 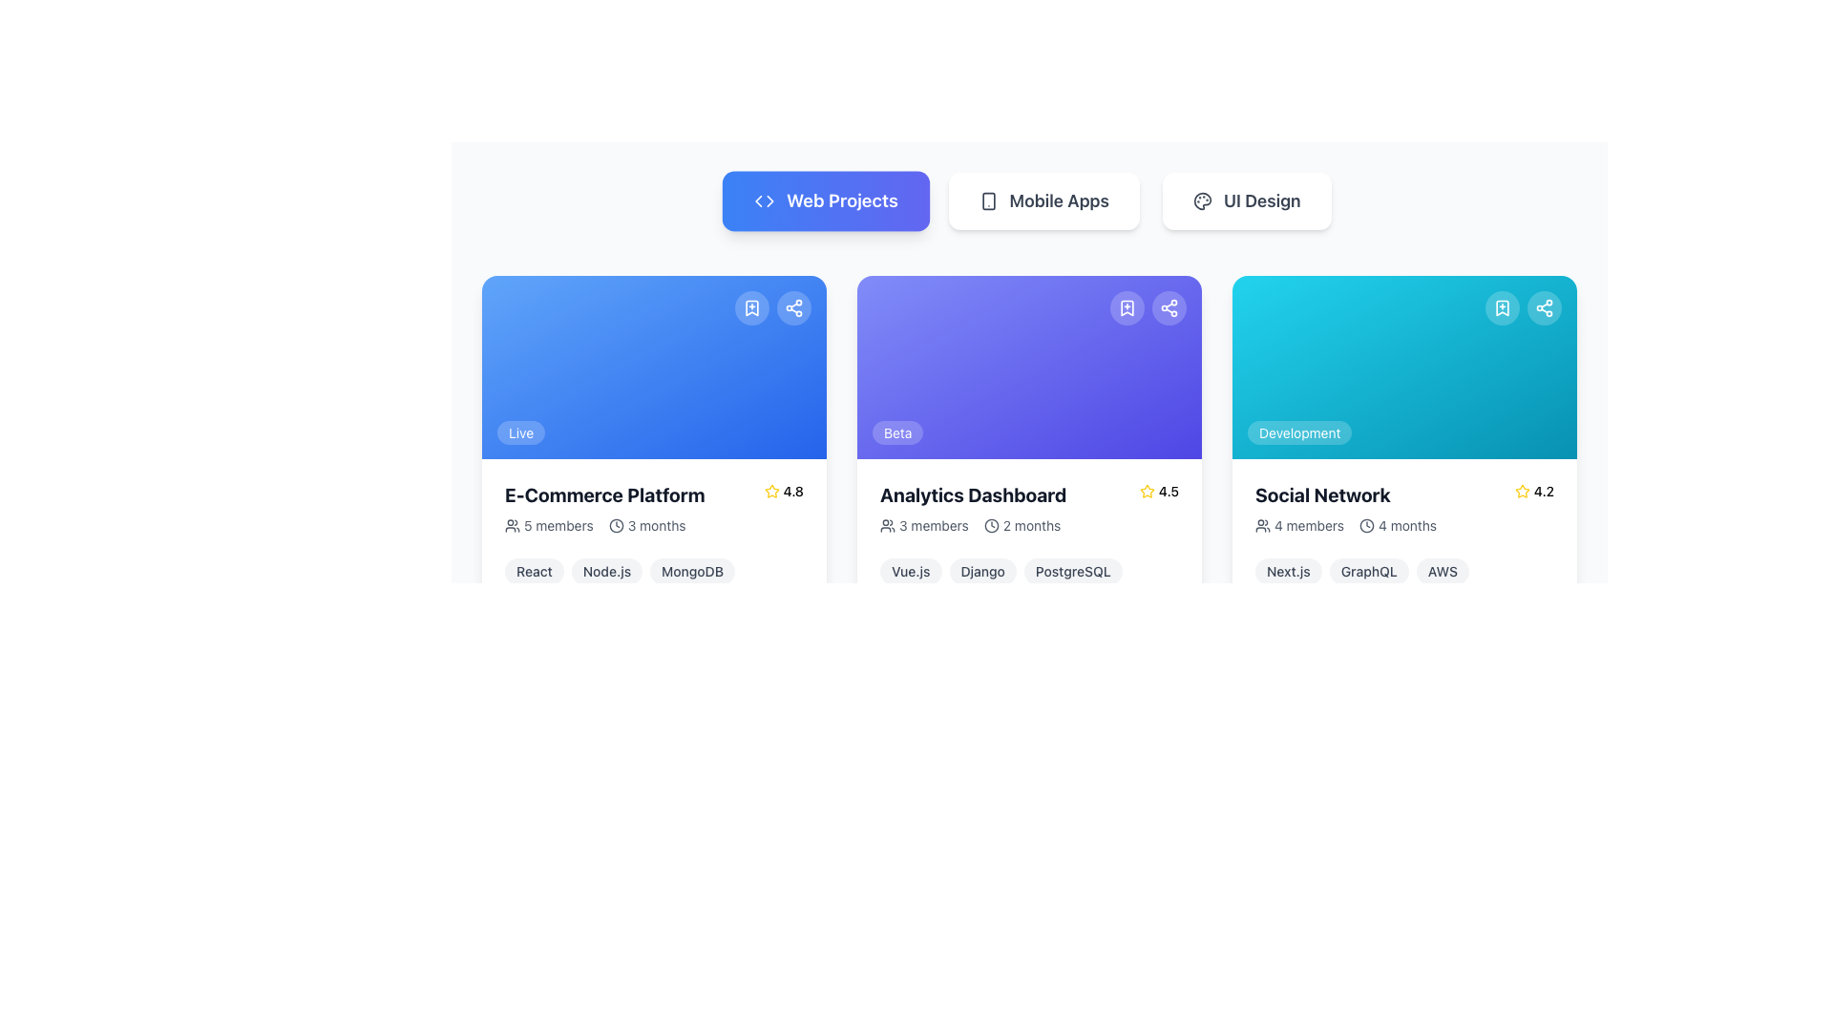 I want to click on the button located at the top-right corner of the 'Social Network' project card, so click(x=1502, y=307).